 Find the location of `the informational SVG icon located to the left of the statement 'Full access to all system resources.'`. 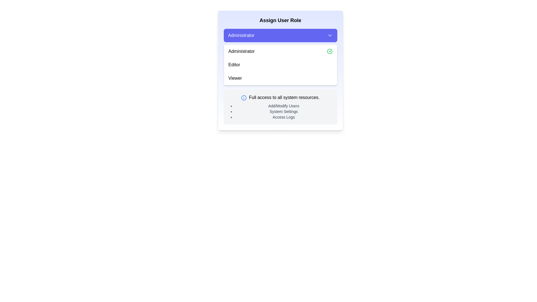

the informational SVG icon located to the left of the statement 'Full access to all system resources.' is located at coordinates (244, 97).